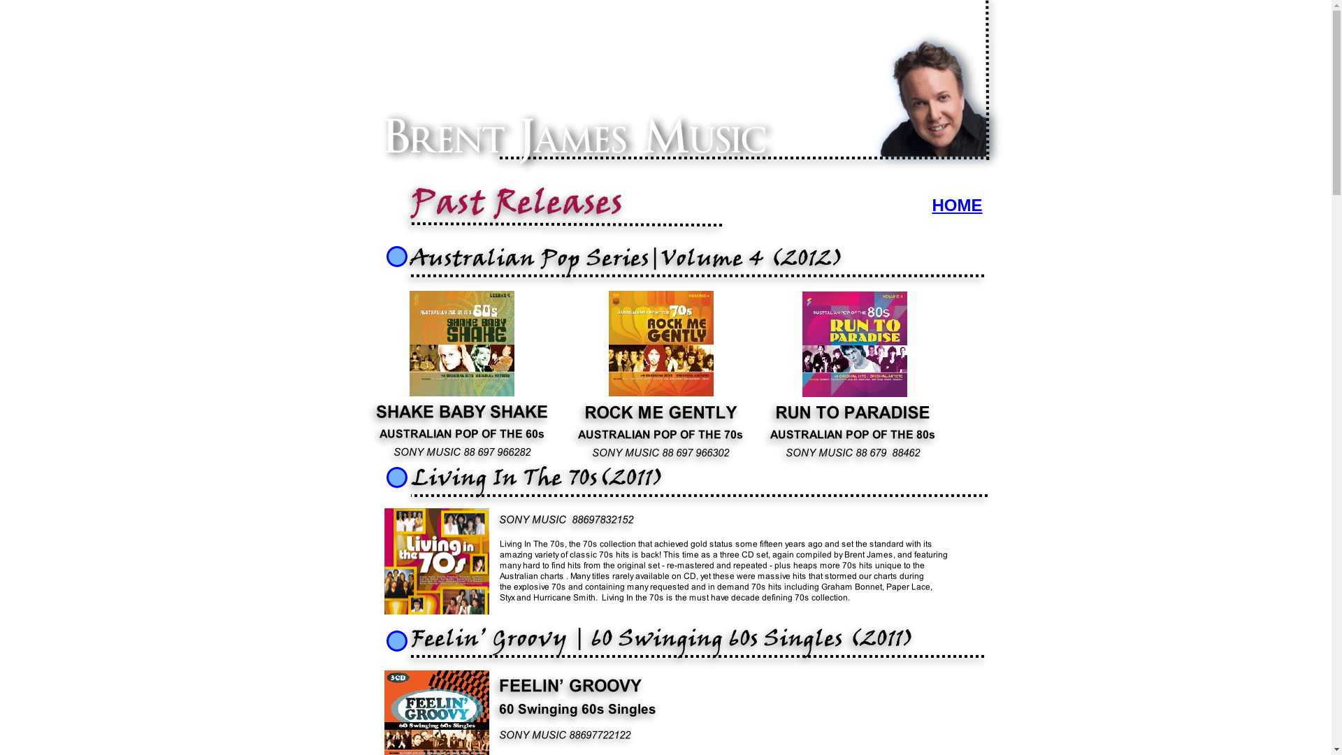  I want to click on 'HOME', so click(932, 205).